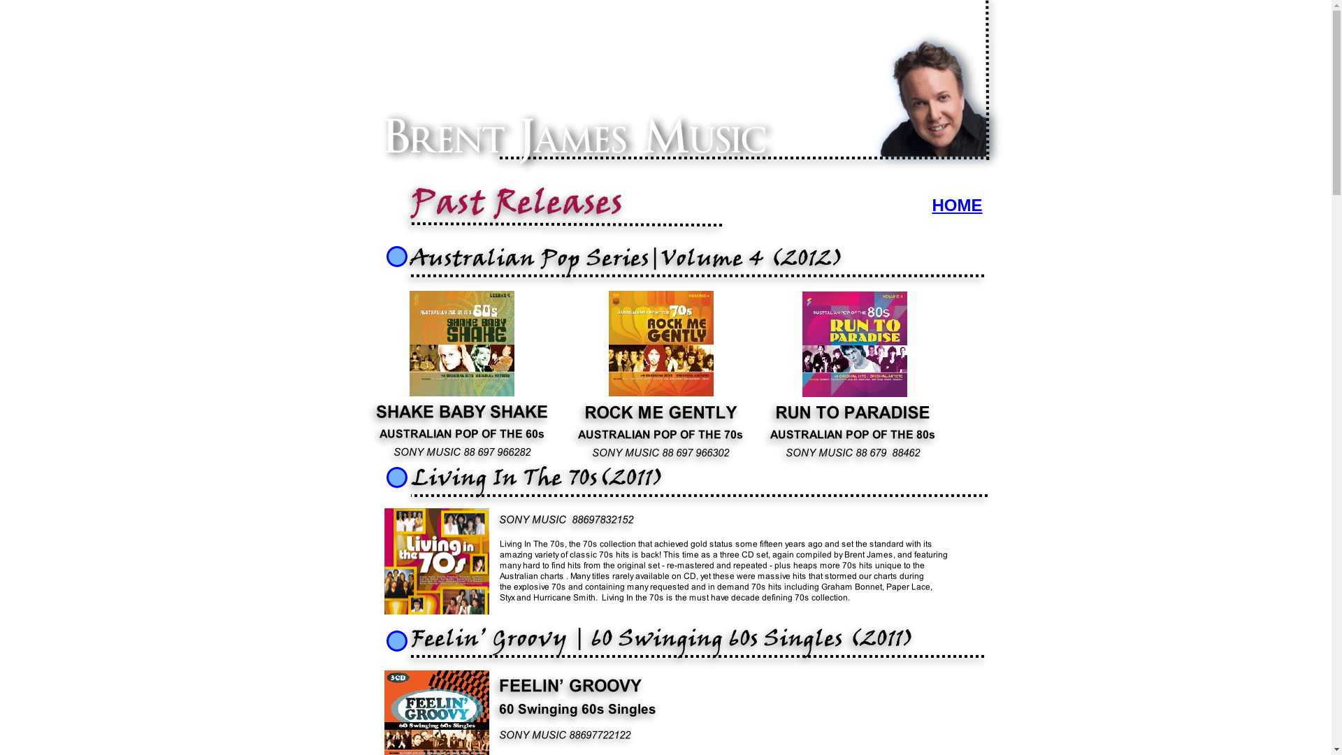  I want to click on 'HOME', so click(932, 205).